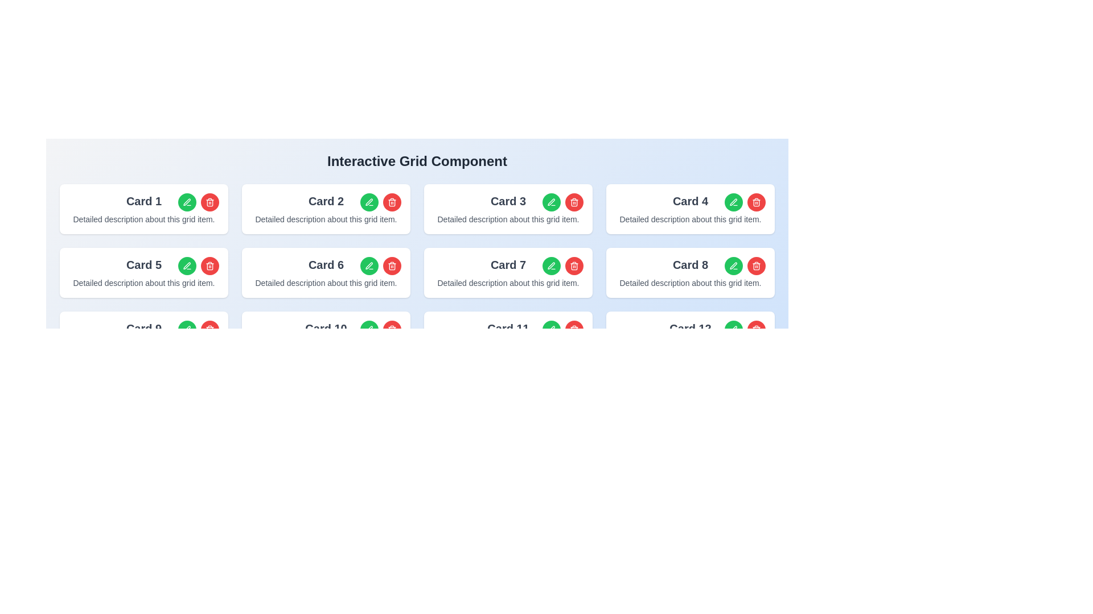 The height and width of the screenshot is (614, 1093). Describe the element at coordinates (210, 329) in the screenshot. I see `the trash icon button located at the top-right corner of 'Card 9'` at that location.